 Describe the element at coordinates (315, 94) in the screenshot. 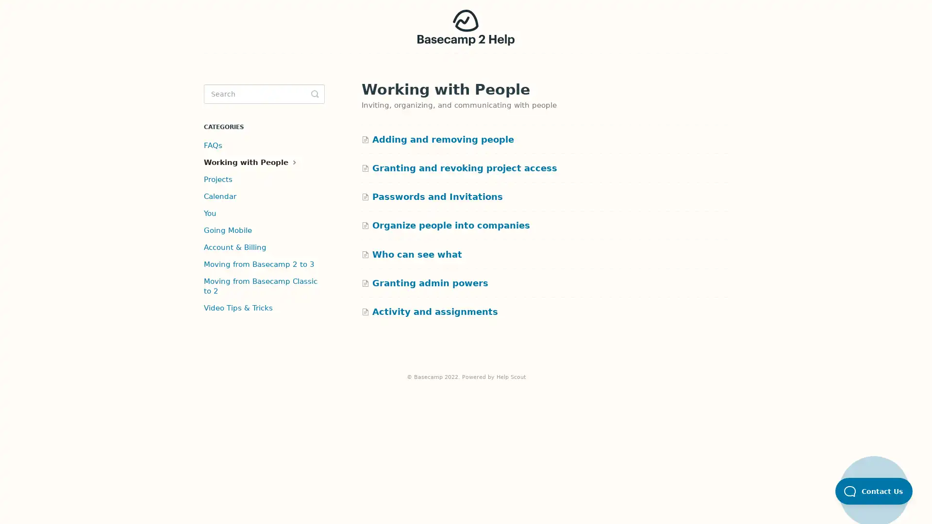

I see `Toggle Search` at that location.